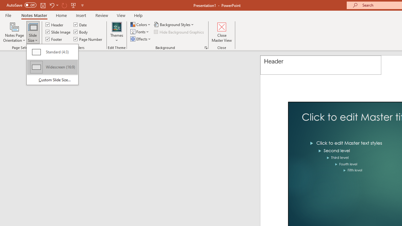 This screenshot has width=402, height=226. I want to click on 'Close Master View', so click(222, 32).